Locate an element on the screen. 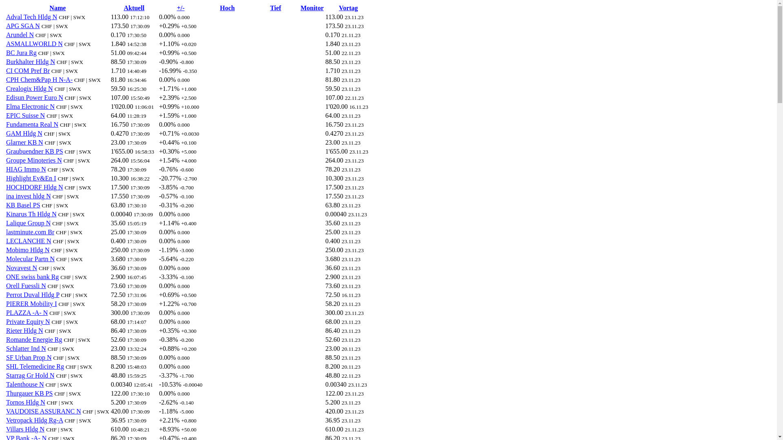  'Orell Fuessli N' is located at coordinates (26, 285).